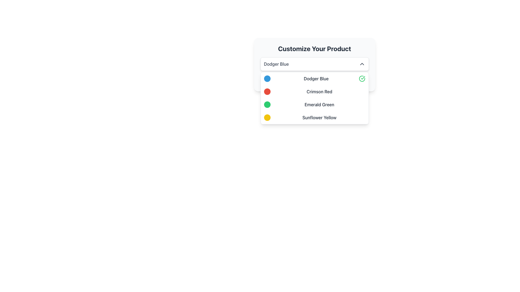 This screenshot has width=520, height=292. Describe the element at coordinates (263, 81) in the screenshot. I see `the blue outlined eye icon, which is the leftmost element in a horizontal arrangement alongside the text 'Dodger Blue' and a downward arrow icon` at that location.